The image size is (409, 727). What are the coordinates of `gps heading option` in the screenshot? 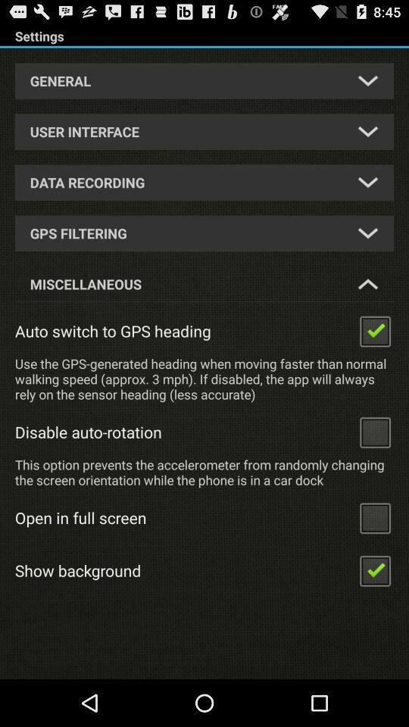 It's located at (374, 330).